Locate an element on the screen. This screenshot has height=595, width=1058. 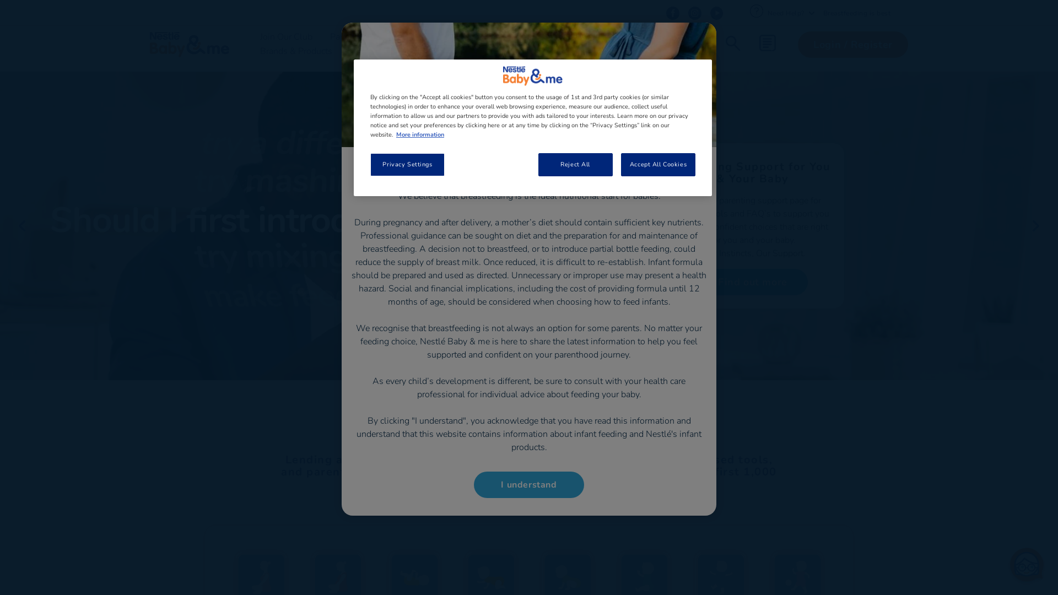
'Accept All Cookies' is located at coordinates (621, 165).